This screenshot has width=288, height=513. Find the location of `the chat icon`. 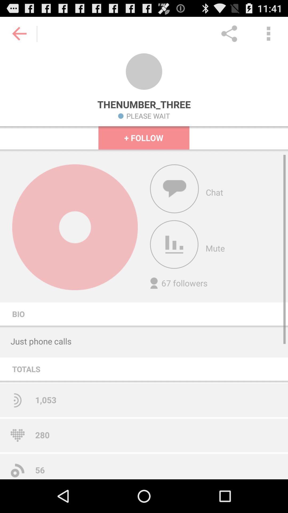

the chat icon is located at coordinates (174, 202).